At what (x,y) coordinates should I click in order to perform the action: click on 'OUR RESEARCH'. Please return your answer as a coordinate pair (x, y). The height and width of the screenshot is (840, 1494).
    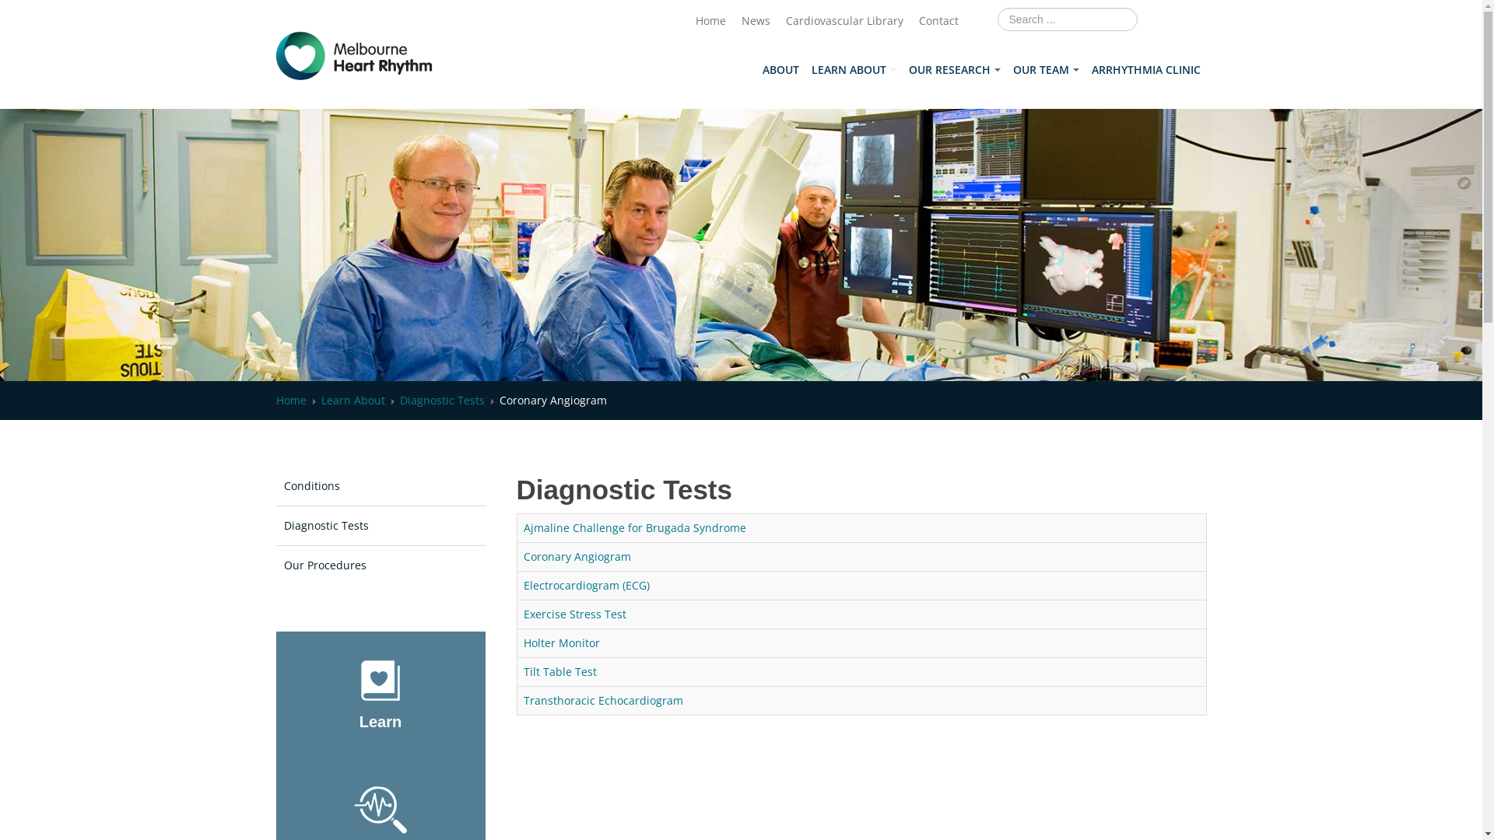
    Looking at the image, I should click on (903, 68).